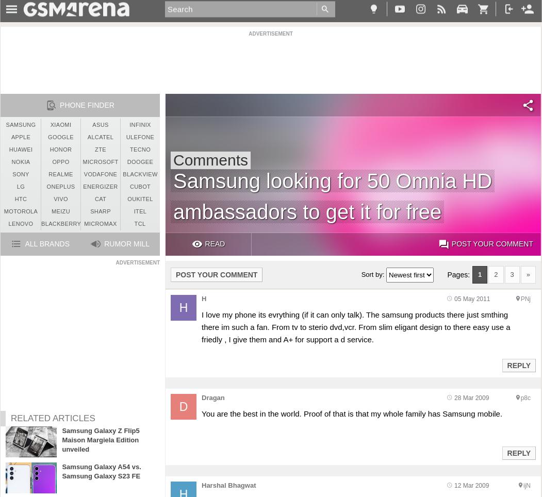 This screenshot has width=542, height=497. I want to click on 'Xiaomi', so click(60, 124).